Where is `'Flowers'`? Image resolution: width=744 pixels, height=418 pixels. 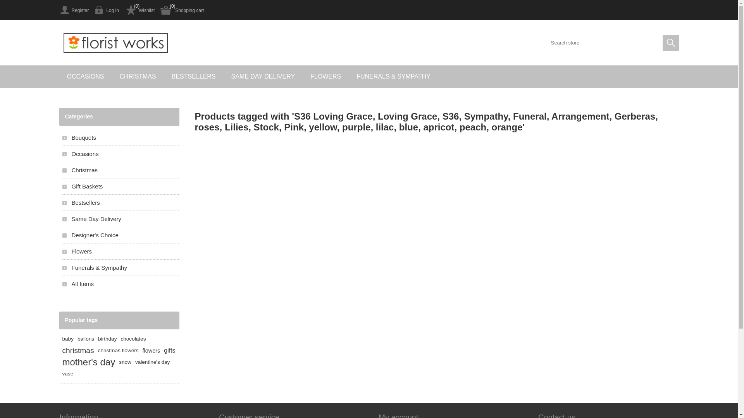 'Flowers' is located at coordinates (120, 251).